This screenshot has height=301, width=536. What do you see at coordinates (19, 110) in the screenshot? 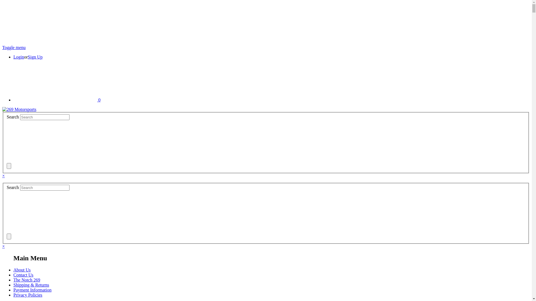
I see `'269 Motorsports'` at bounding box center [19, 110].